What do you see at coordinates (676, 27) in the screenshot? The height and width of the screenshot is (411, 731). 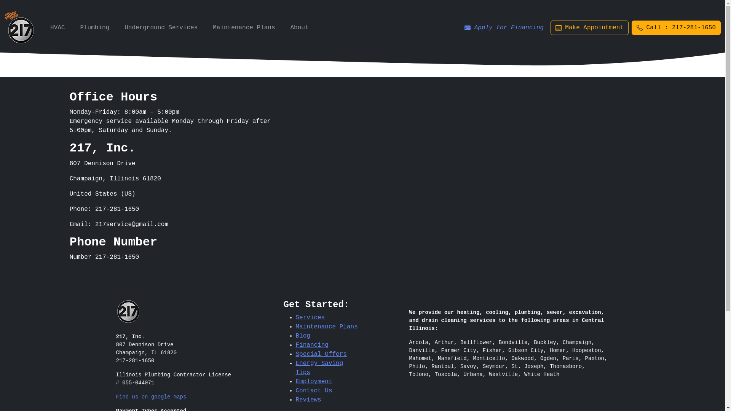 I see `'Call : 217-281-1650'` at bounding box center [676, 27].